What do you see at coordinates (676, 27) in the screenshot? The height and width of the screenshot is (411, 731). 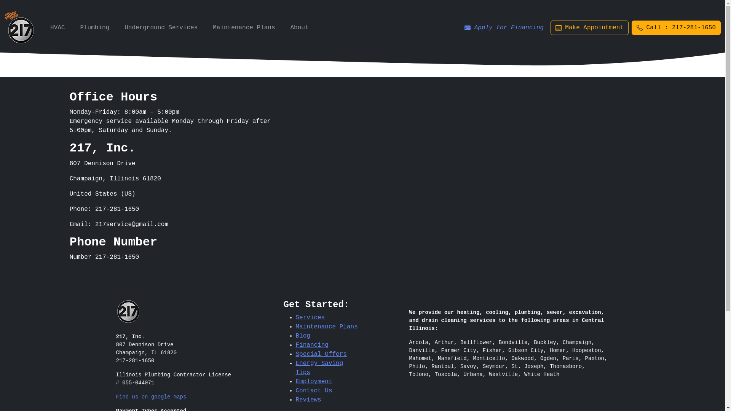 I see `'Call : 217-281-1650'` at bounding box center [676, 27].